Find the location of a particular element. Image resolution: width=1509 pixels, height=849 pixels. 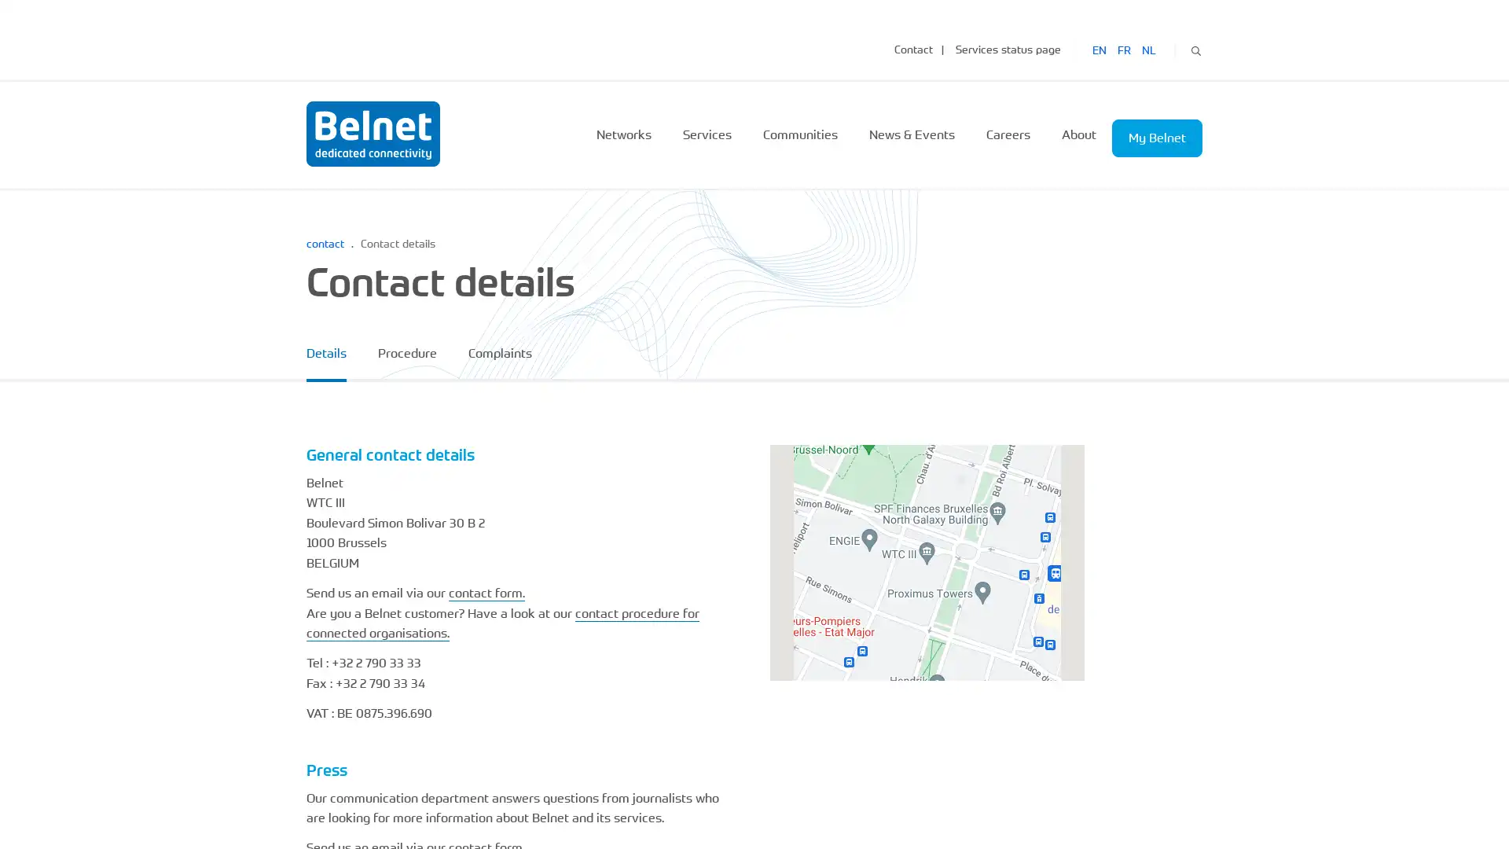

Search is located at coordinates (1195, 48).